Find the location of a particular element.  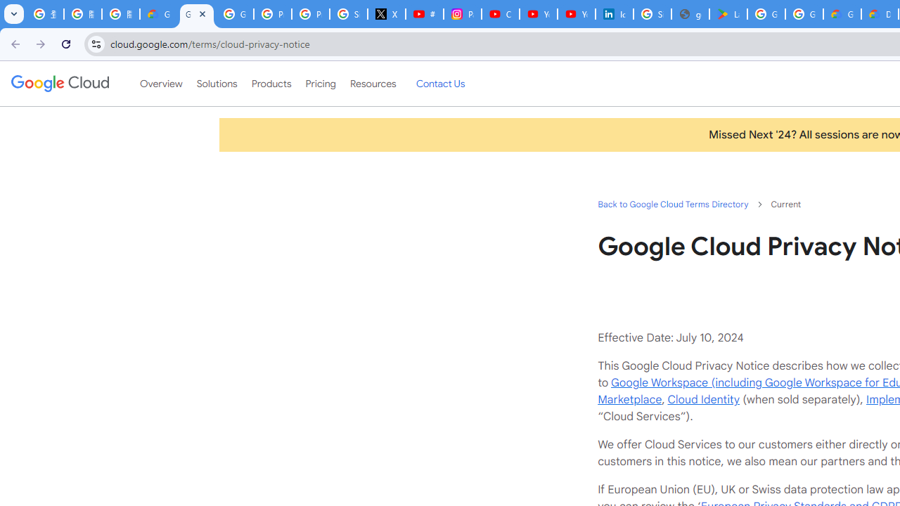

'YouTube Culture & Trends - YouTube Top 10, 2021' is located at coordinates (576, 14).